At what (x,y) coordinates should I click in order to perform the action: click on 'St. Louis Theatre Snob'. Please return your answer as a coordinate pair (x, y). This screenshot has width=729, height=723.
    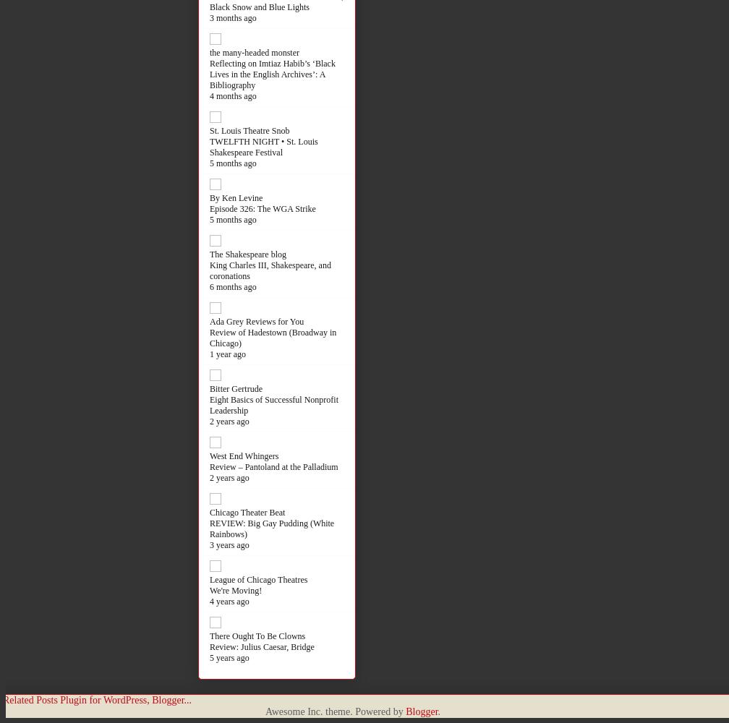
    Looking at the image, I should click on (210, 130).